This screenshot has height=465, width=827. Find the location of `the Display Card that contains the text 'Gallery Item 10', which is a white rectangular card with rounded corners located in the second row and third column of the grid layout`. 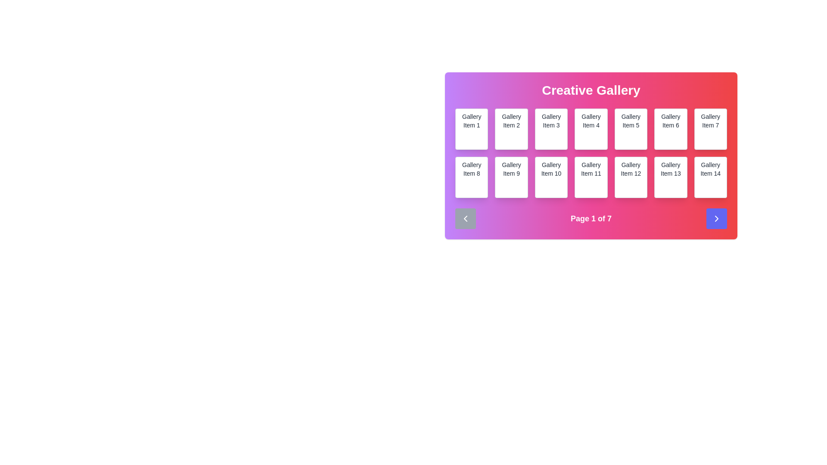

the Display Card that contains the text 'Gallery Item 10', which is a white rectangular card with rounded corners located in the second row and third column of the grid layout is located at coordinates (551, 177).